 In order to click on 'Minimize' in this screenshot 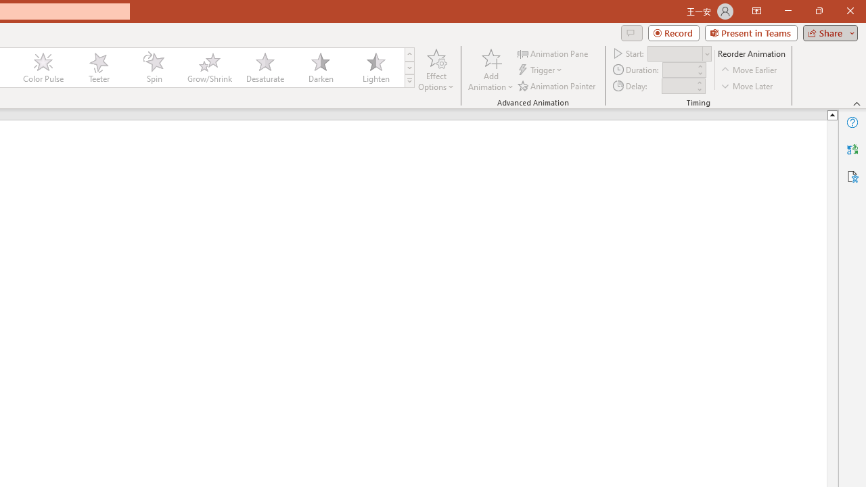, I will do `click(788, 11)`.